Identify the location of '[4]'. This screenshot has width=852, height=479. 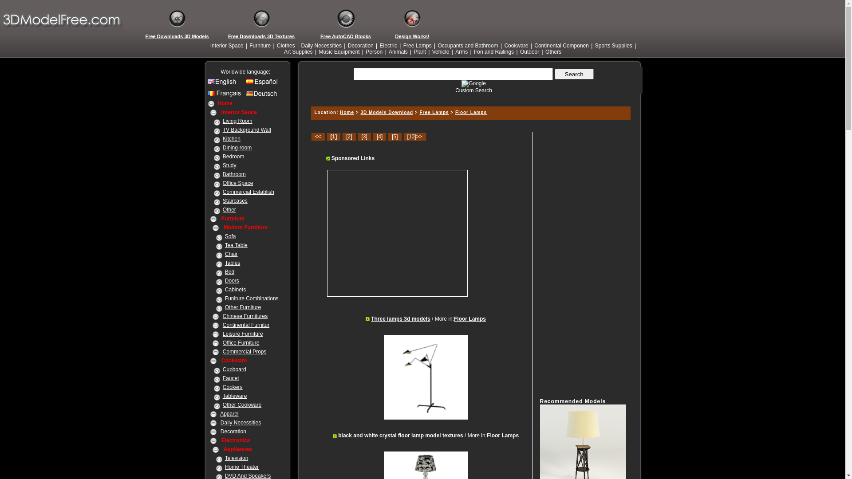
(373, 137).